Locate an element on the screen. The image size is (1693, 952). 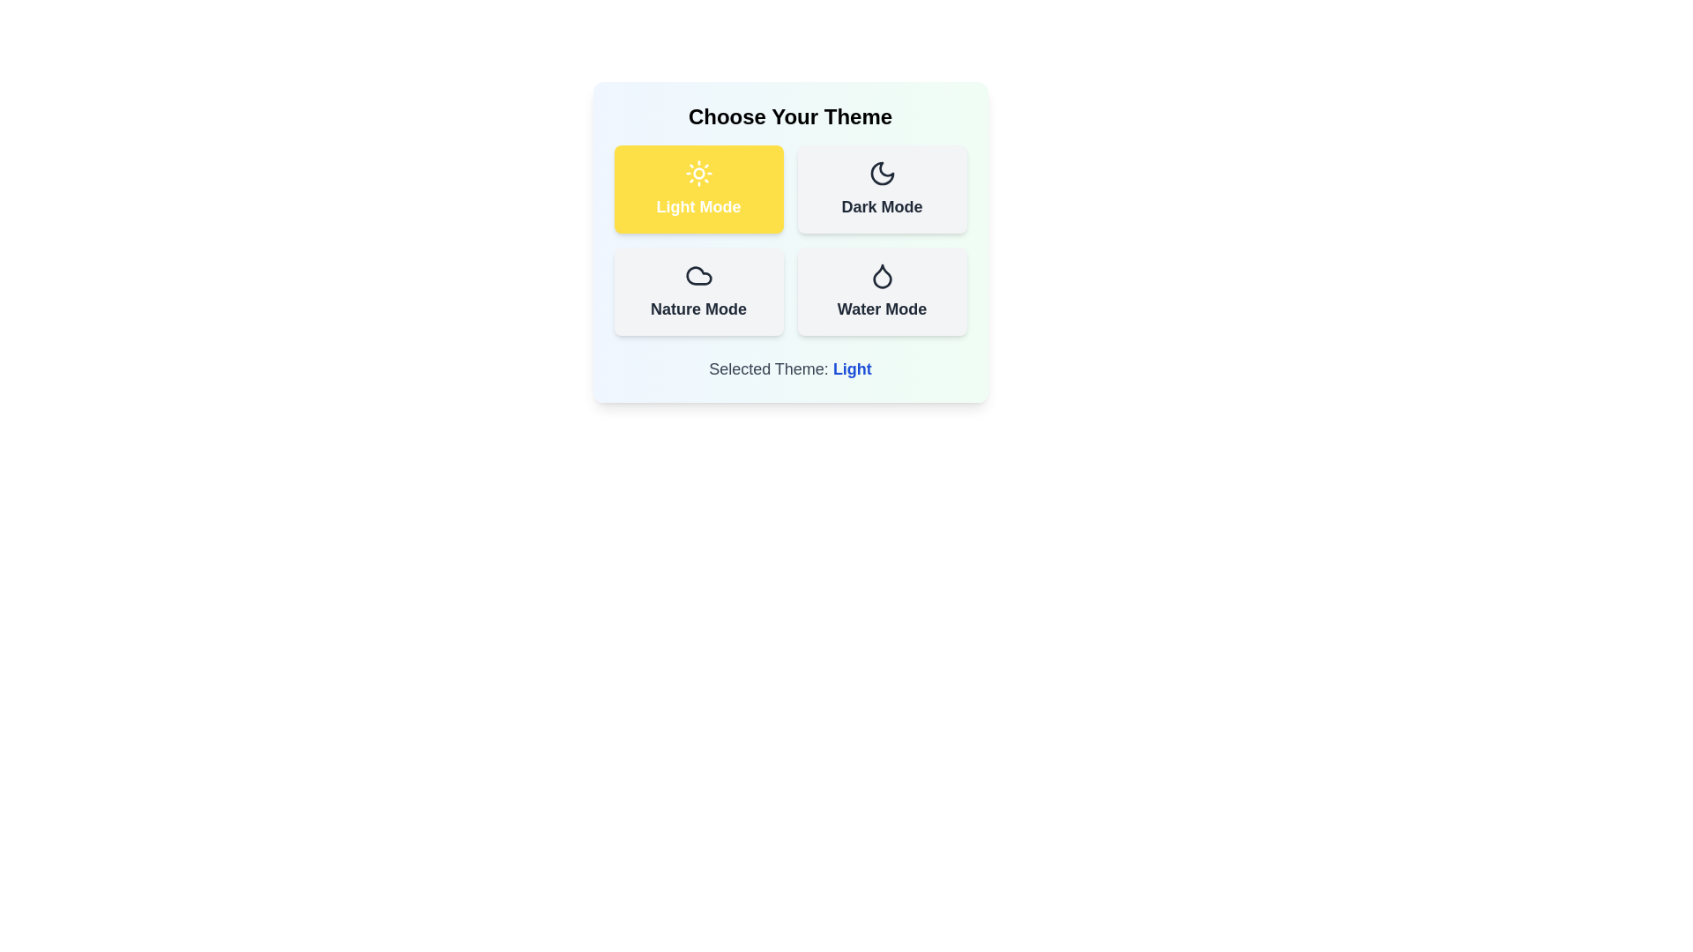
the theme button labeled Light Mode is located at coordinates (697, 190).